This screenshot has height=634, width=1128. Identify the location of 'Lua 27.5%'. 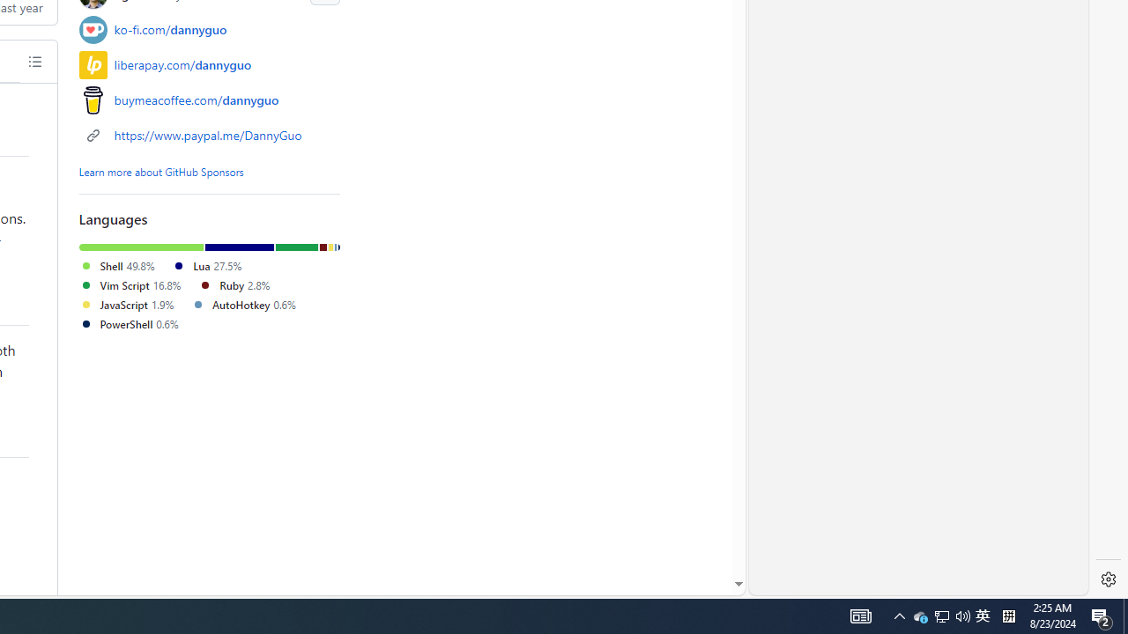
(206, 265).